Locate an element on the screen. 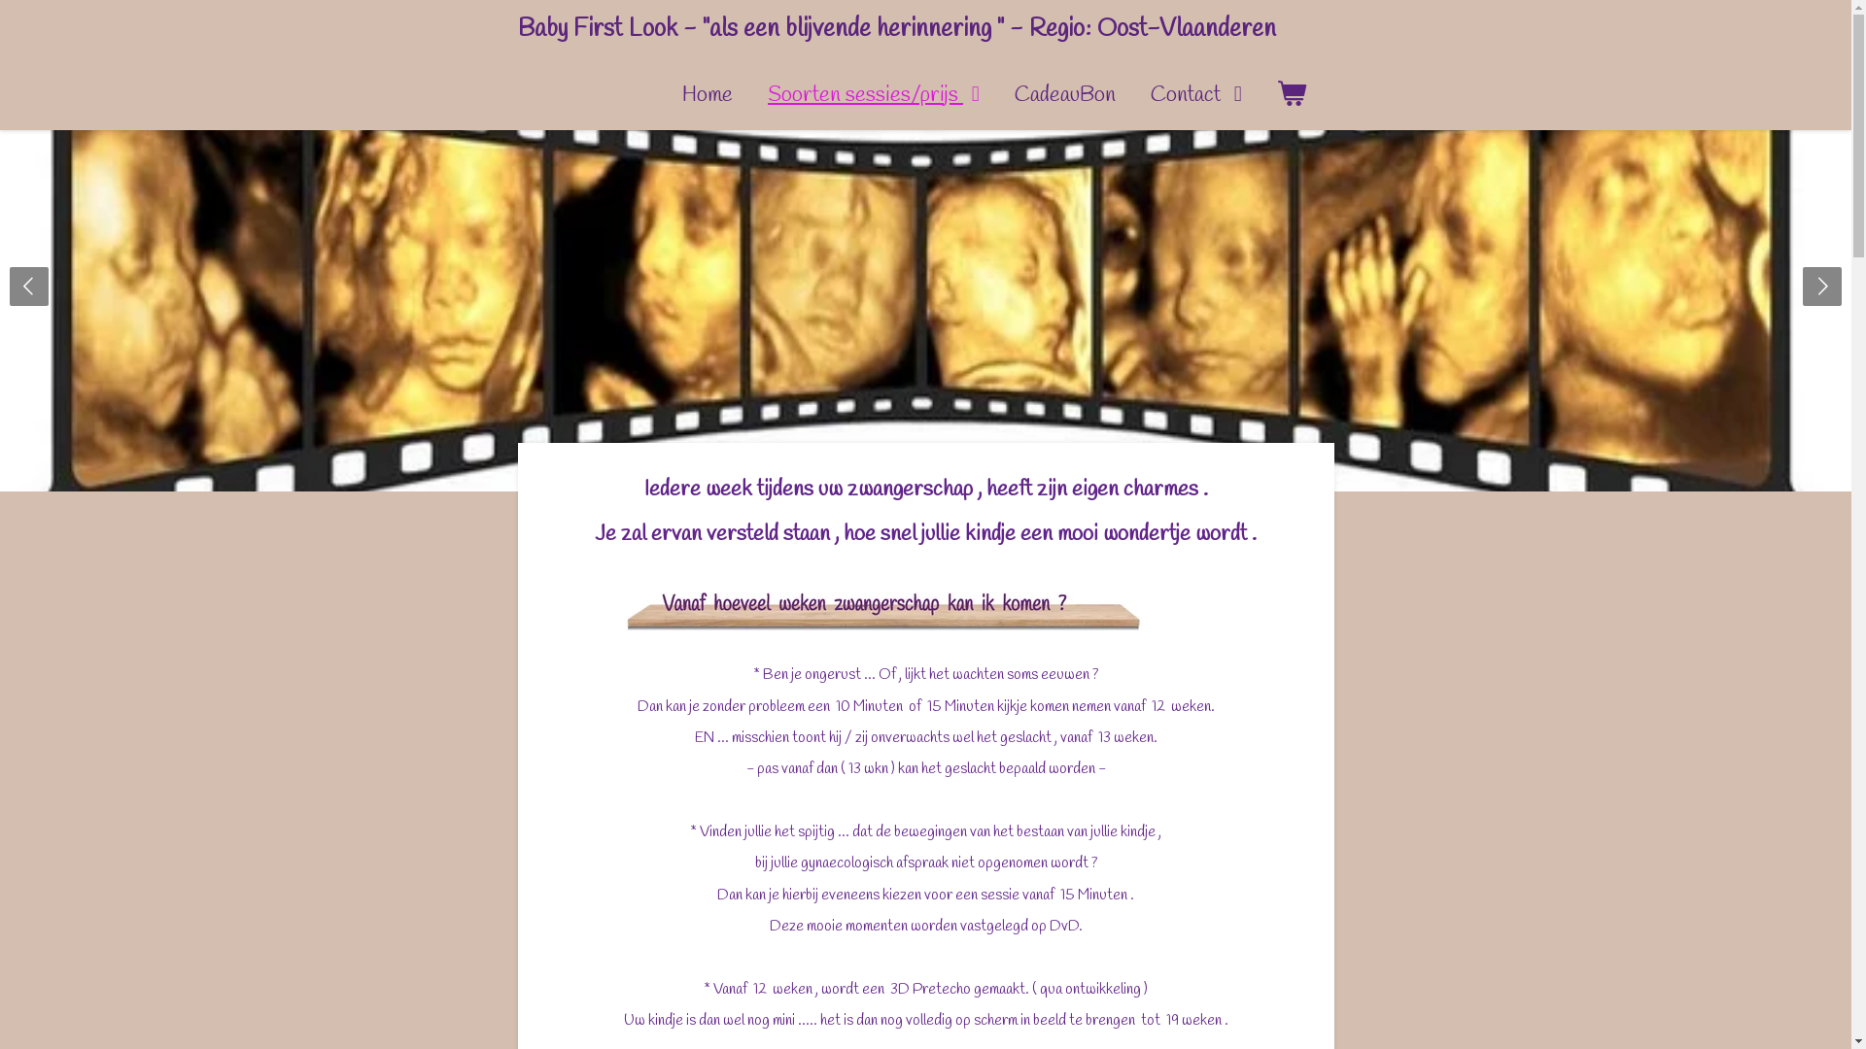 The width and height of the screenshot is (1866, 1049). 'Home' is located at coordinates (707, 94).